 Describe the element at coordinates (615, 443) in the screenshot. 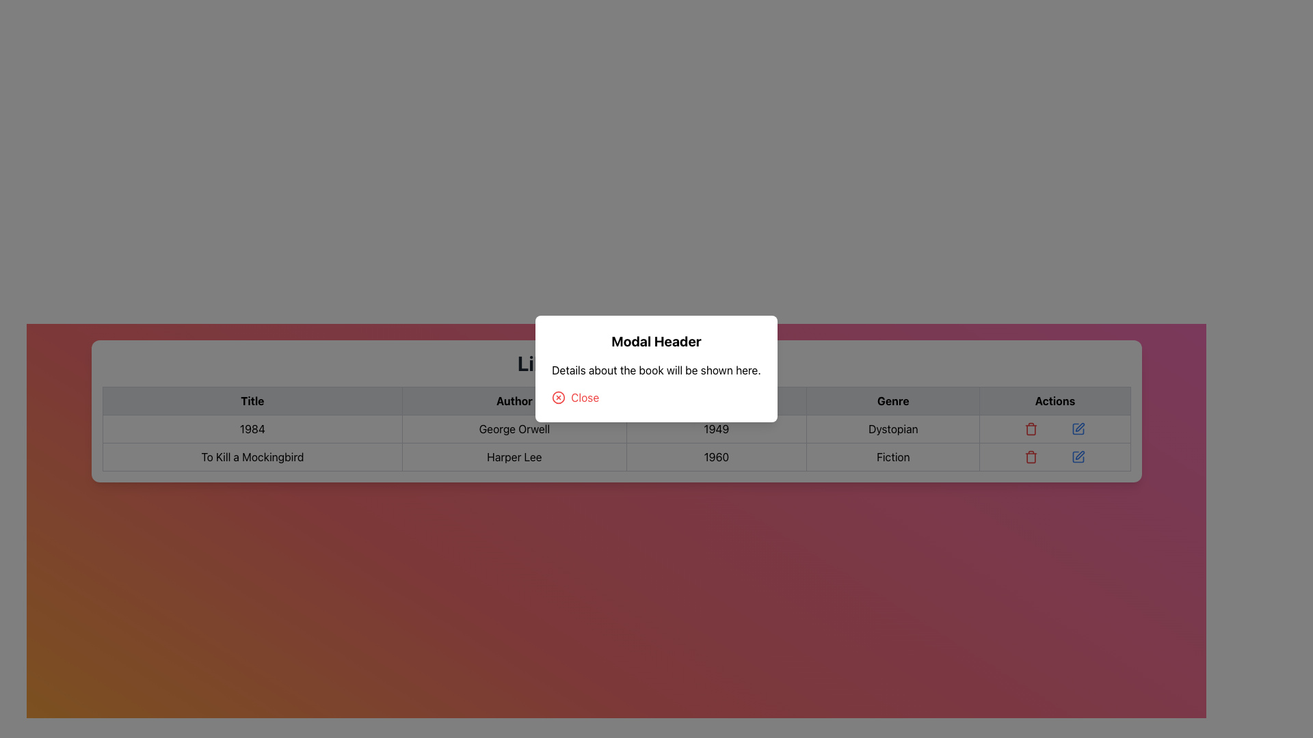

I see `the interactive elements within the second row of the book details table, which displays 'To Kill a Mockingbird', 'Harper Lee', '1960', and 'Fiction'` at that location.